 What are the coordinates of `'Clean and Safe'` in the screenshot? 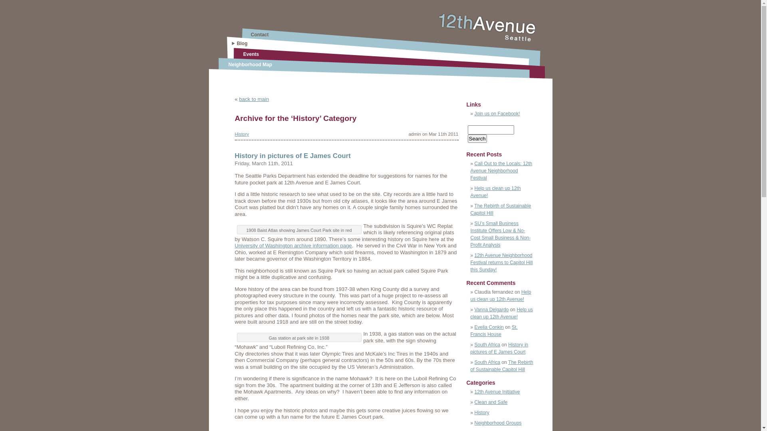 It's located at (491, 402).